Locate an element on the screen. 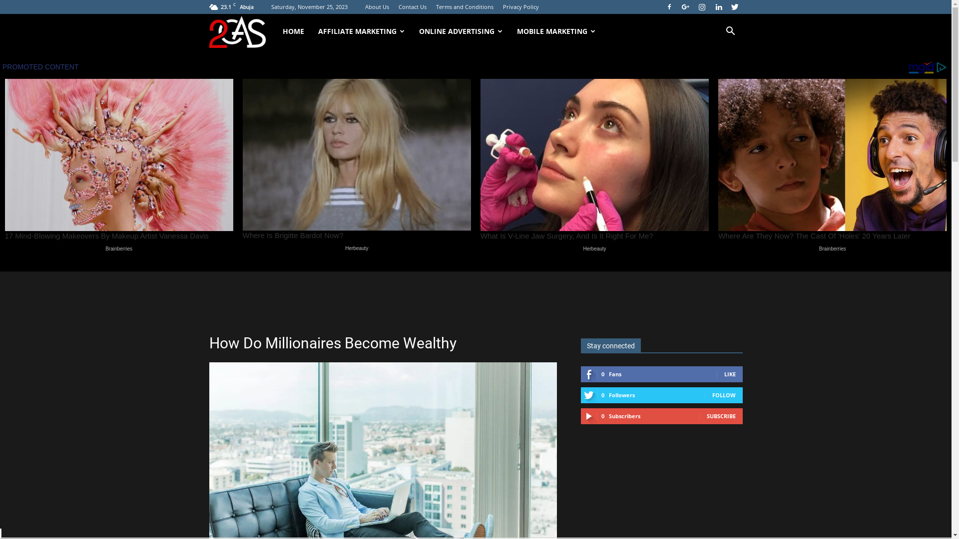 Image resolution: width=959 pixels, height=539 pixels. '24x7onlinecas' is located at coordinates (208, 31).